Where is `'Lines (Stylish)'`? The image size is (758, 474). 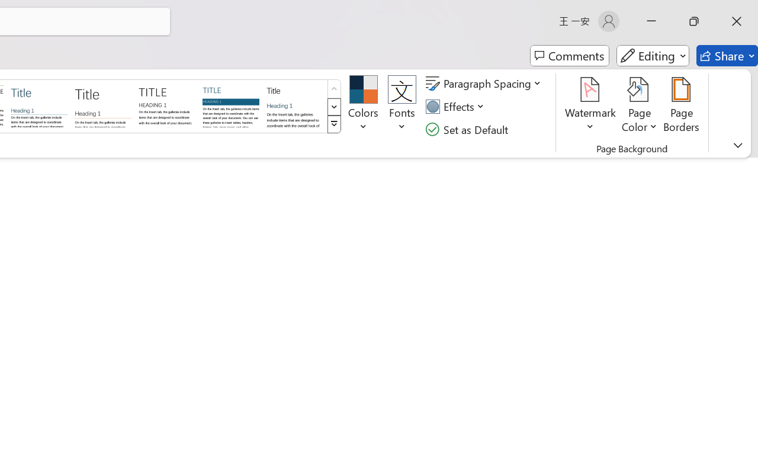
'Lines (Stylish)' is located at coordinates (103, 105).